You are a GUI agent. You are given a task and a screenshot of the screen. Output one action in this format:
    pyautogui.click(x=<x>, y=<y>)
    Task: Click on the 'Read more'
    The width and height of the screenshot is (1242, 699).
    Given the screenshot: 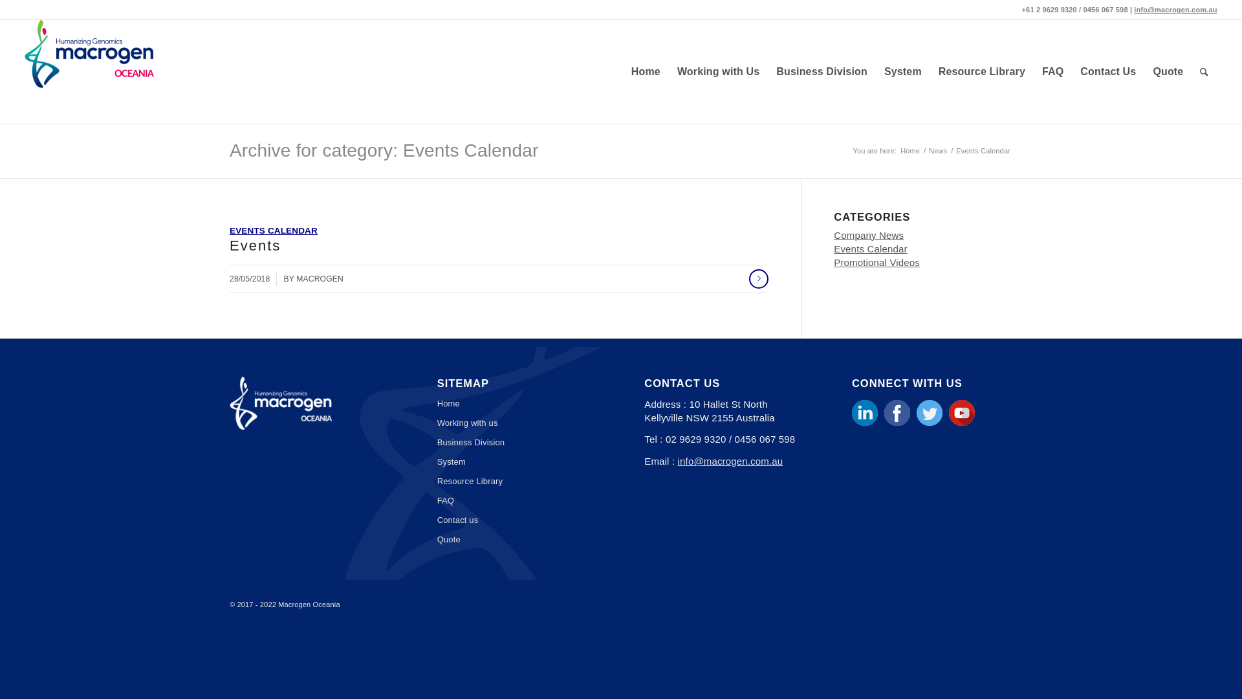 What is the action you would take?
    pyautogui.click(x=748, y=278)
    